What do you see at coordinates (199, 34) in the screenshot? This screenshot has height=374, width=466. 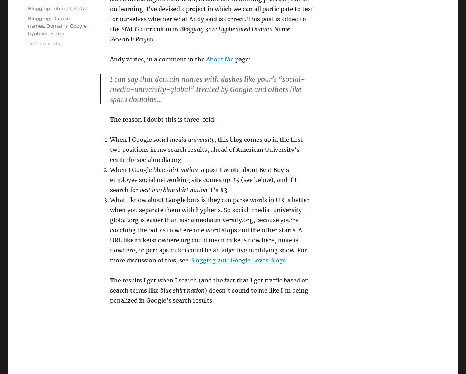 I see `'as Blogging 304: Hyphenated Domain Name Research Project'` at bounding box center [199, 34].